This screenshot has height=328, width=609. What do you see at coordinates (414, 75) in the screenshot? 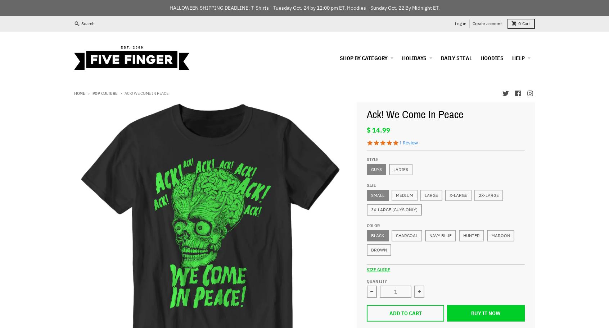
I see `'Christmas'` at bounding box center [414, 75].